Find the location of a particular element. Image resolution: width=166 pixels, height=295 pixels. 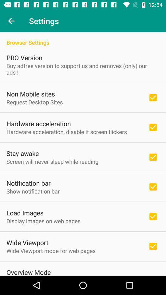

request desktop sites item is located at coordinates (34, 102).